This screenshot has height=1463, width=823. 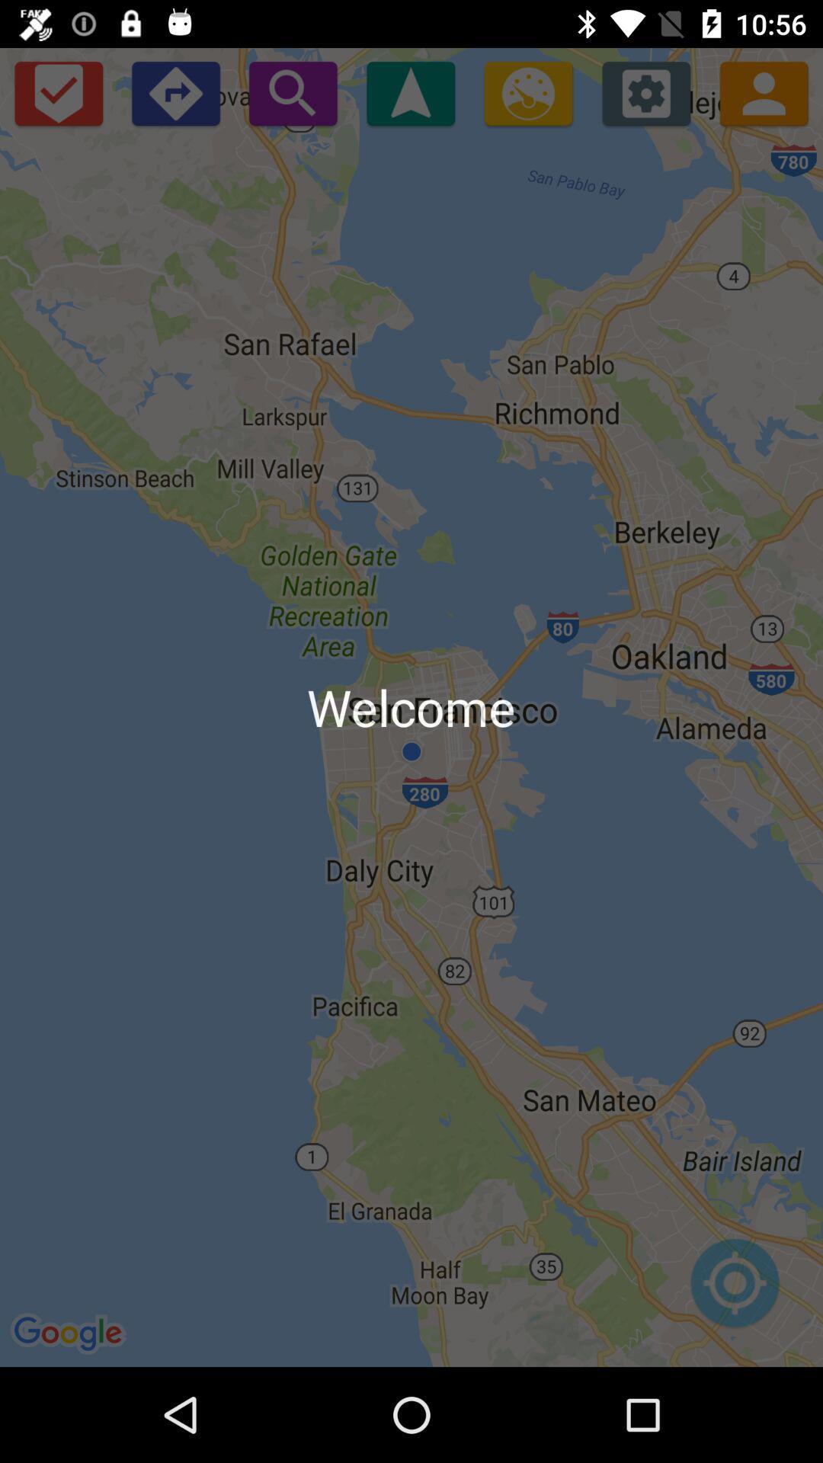 What do you see at coordinates (764, 92) in the screenshot?
I see `profile` at bounding box center [764, 92].